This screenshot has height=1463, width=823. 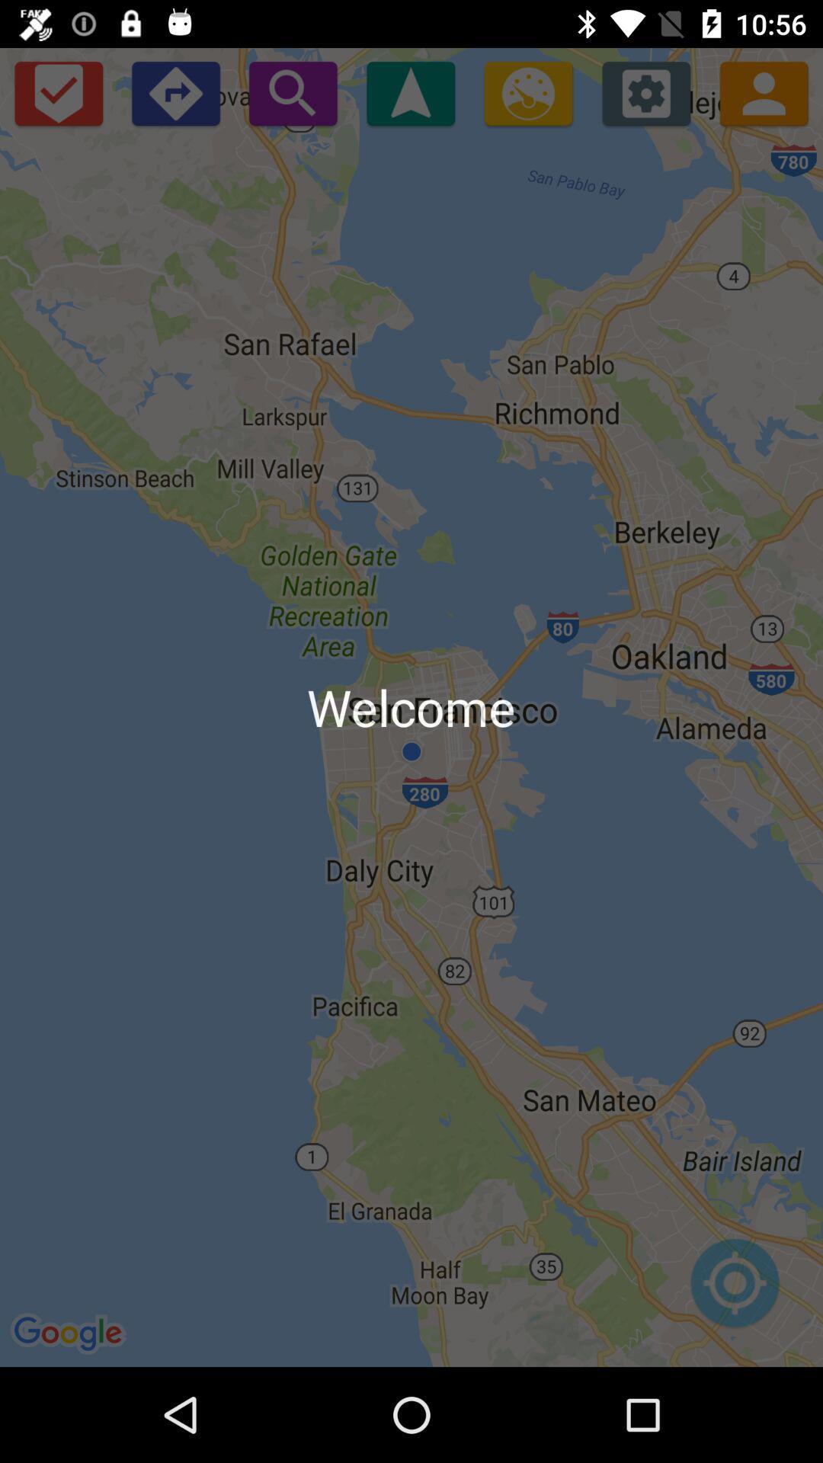 What do you see at coordinates (764, 92) in the screenshot?
I see `profile` at bounding box center [764, 92].